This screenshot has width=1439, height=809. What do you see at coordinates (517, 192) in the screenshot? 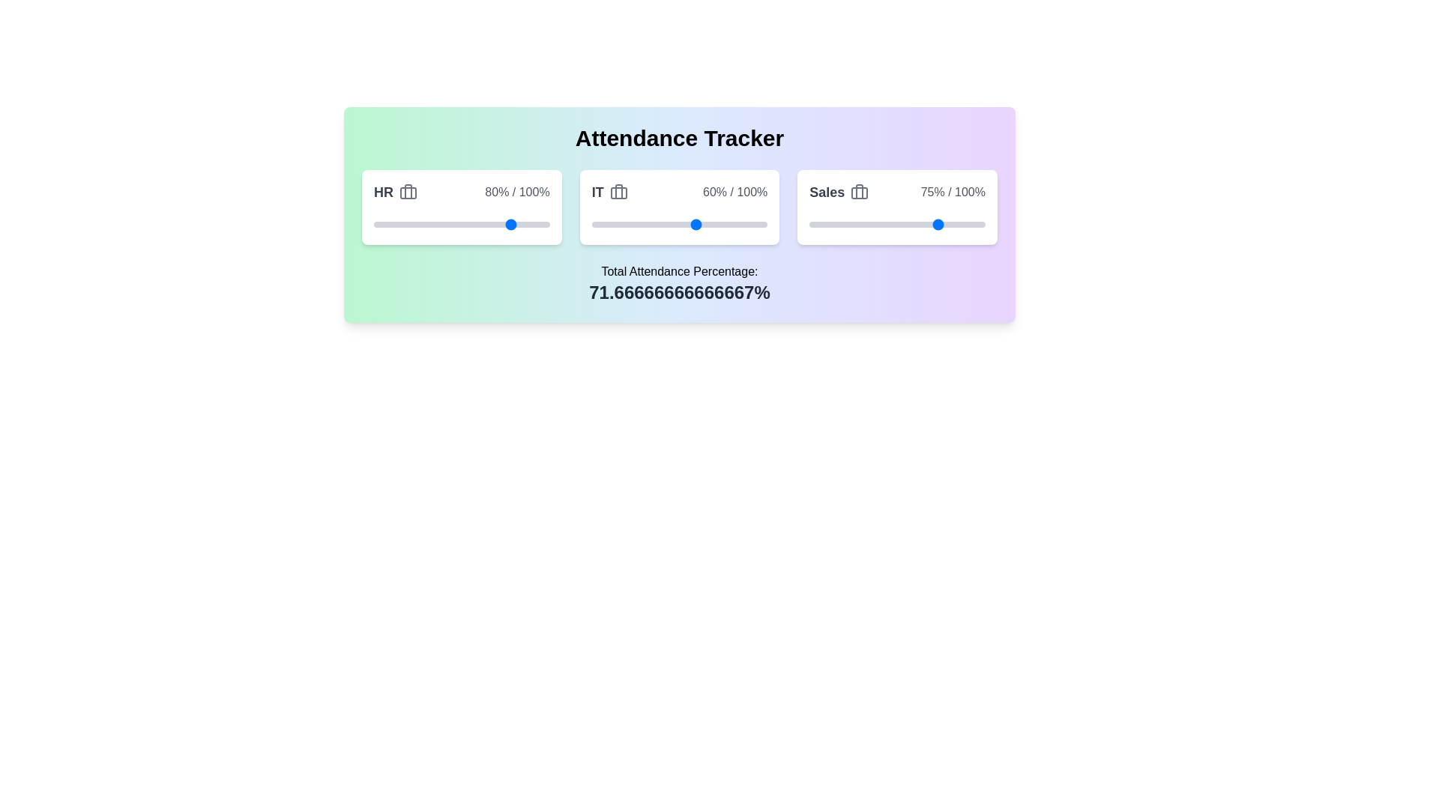
I see `the text label displaying '80% / 100%' within the 'HR' card component, which is located on the right-hand side after the briefcase icon` at bounding box center [517, 192].